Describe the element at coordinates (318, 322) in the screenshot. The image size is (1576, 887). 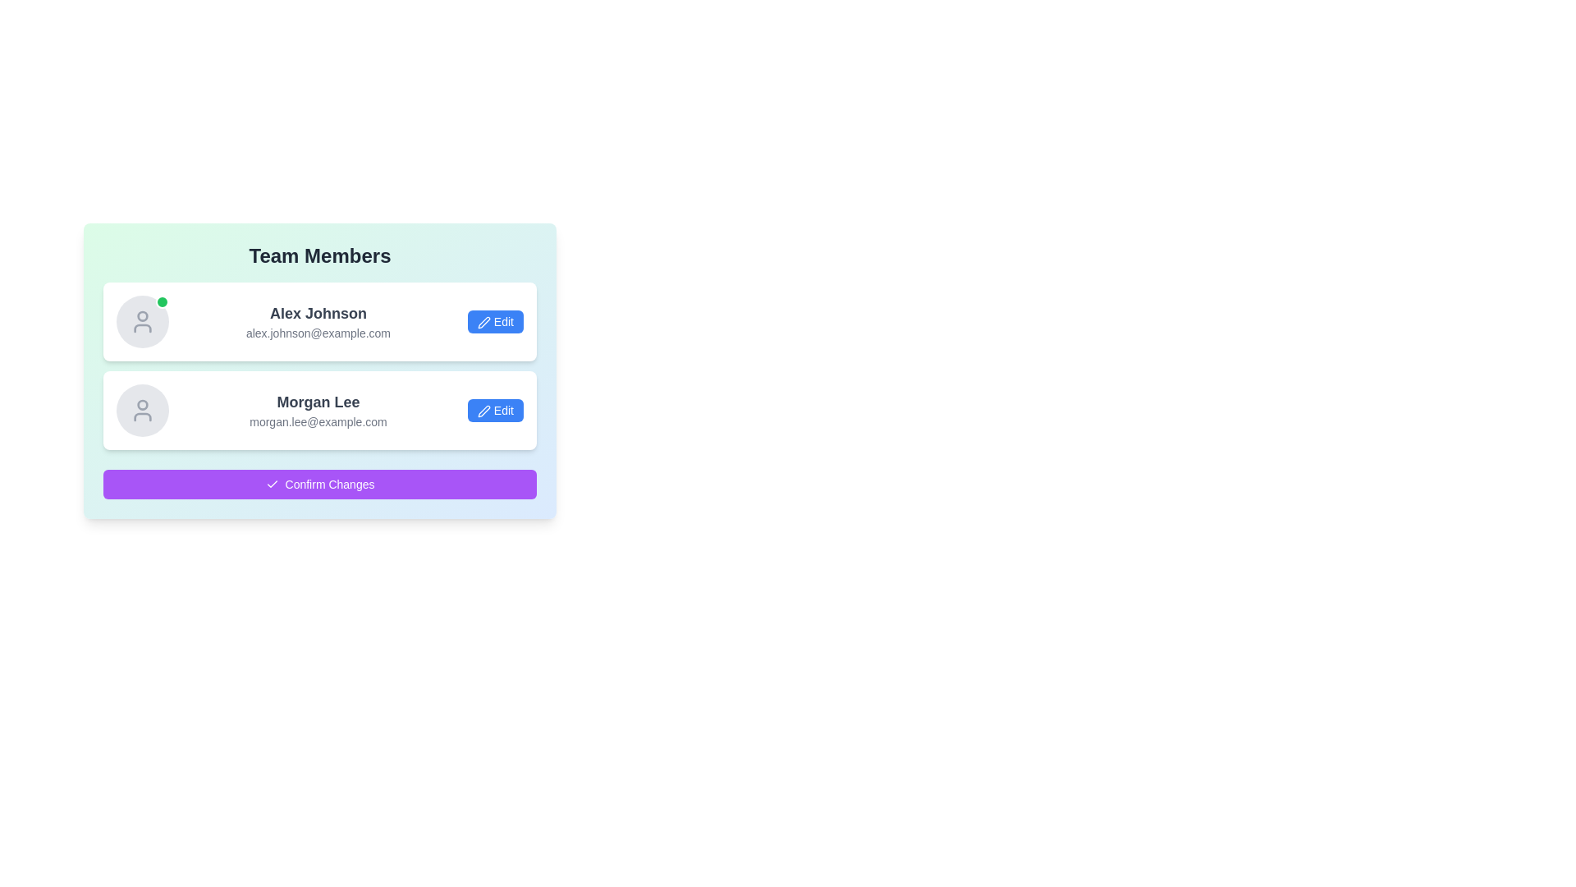
I see `the text display component that shows a team member's name and email address, located in the first section of the team members list, to the right of the profile icon` at that location.